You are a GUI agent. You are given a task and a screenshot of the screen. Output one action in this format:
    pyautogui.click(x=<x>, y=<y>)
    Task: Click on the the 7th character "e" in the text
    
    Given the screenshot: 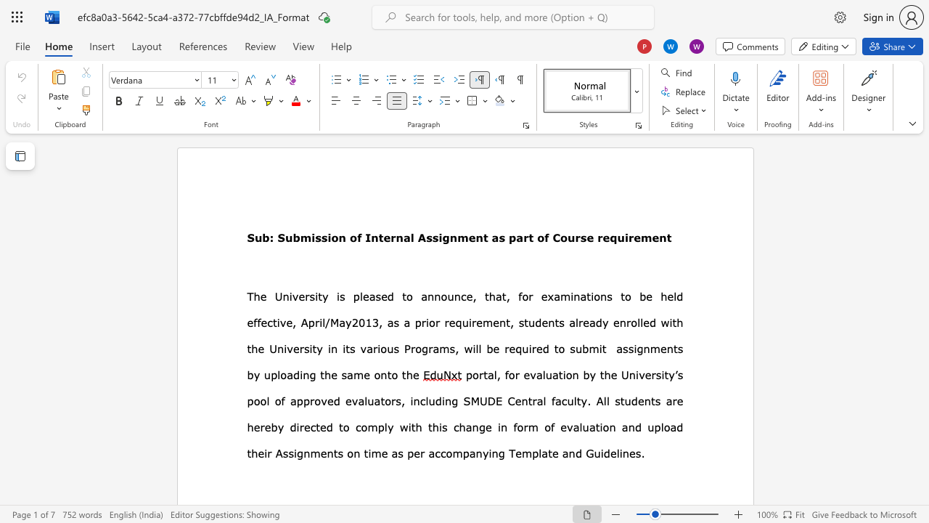 What is the action you would take?
    pyautogui.click(x=518, y=453)
    